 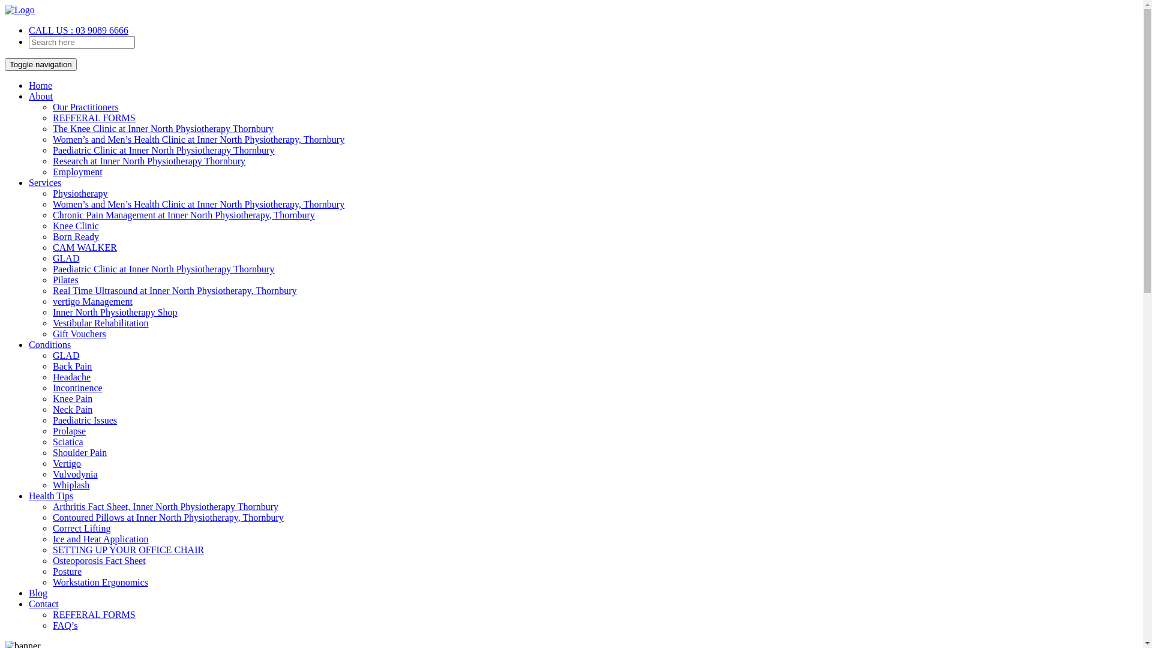 I want to click on 'Gift Vouchers', so click(x=79, y=334).